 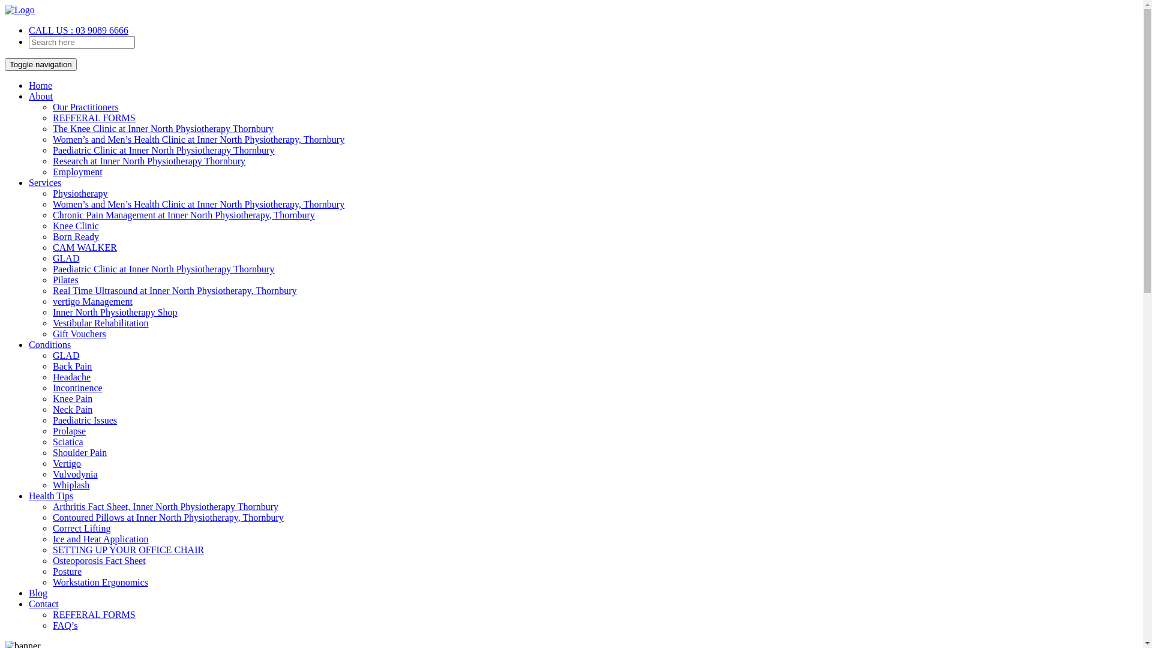 I want to click on 'Gift Vouchers', so click(x=79, y=334).